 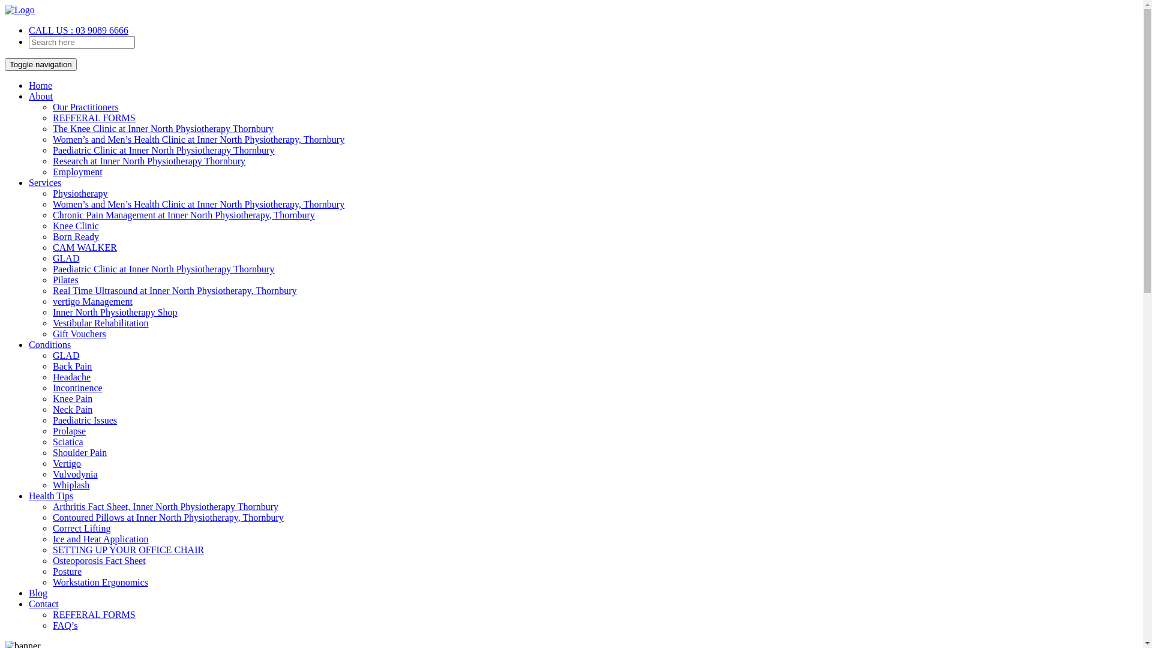 I want to click on 'Gift Vouchers', so click(x=79, y=334).